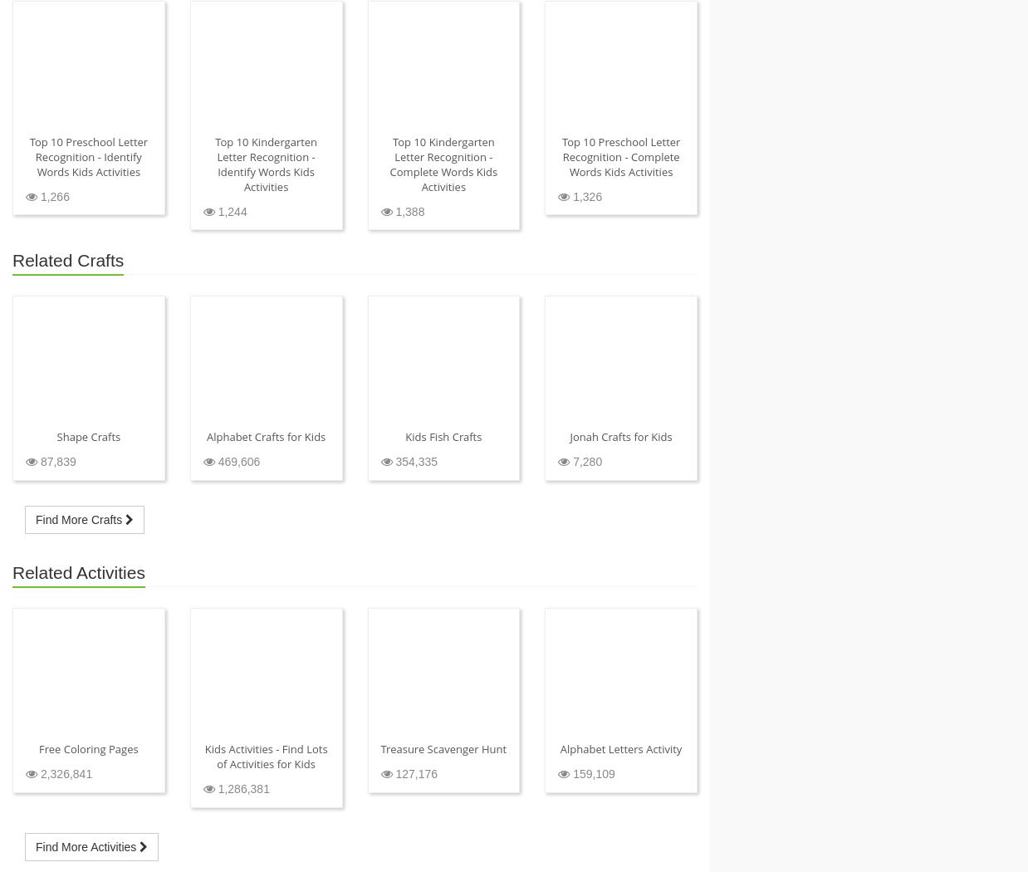 The width and height of the screenshot is (1028, 872). I want to click on 'Shape Crafts', so click(88, 437).